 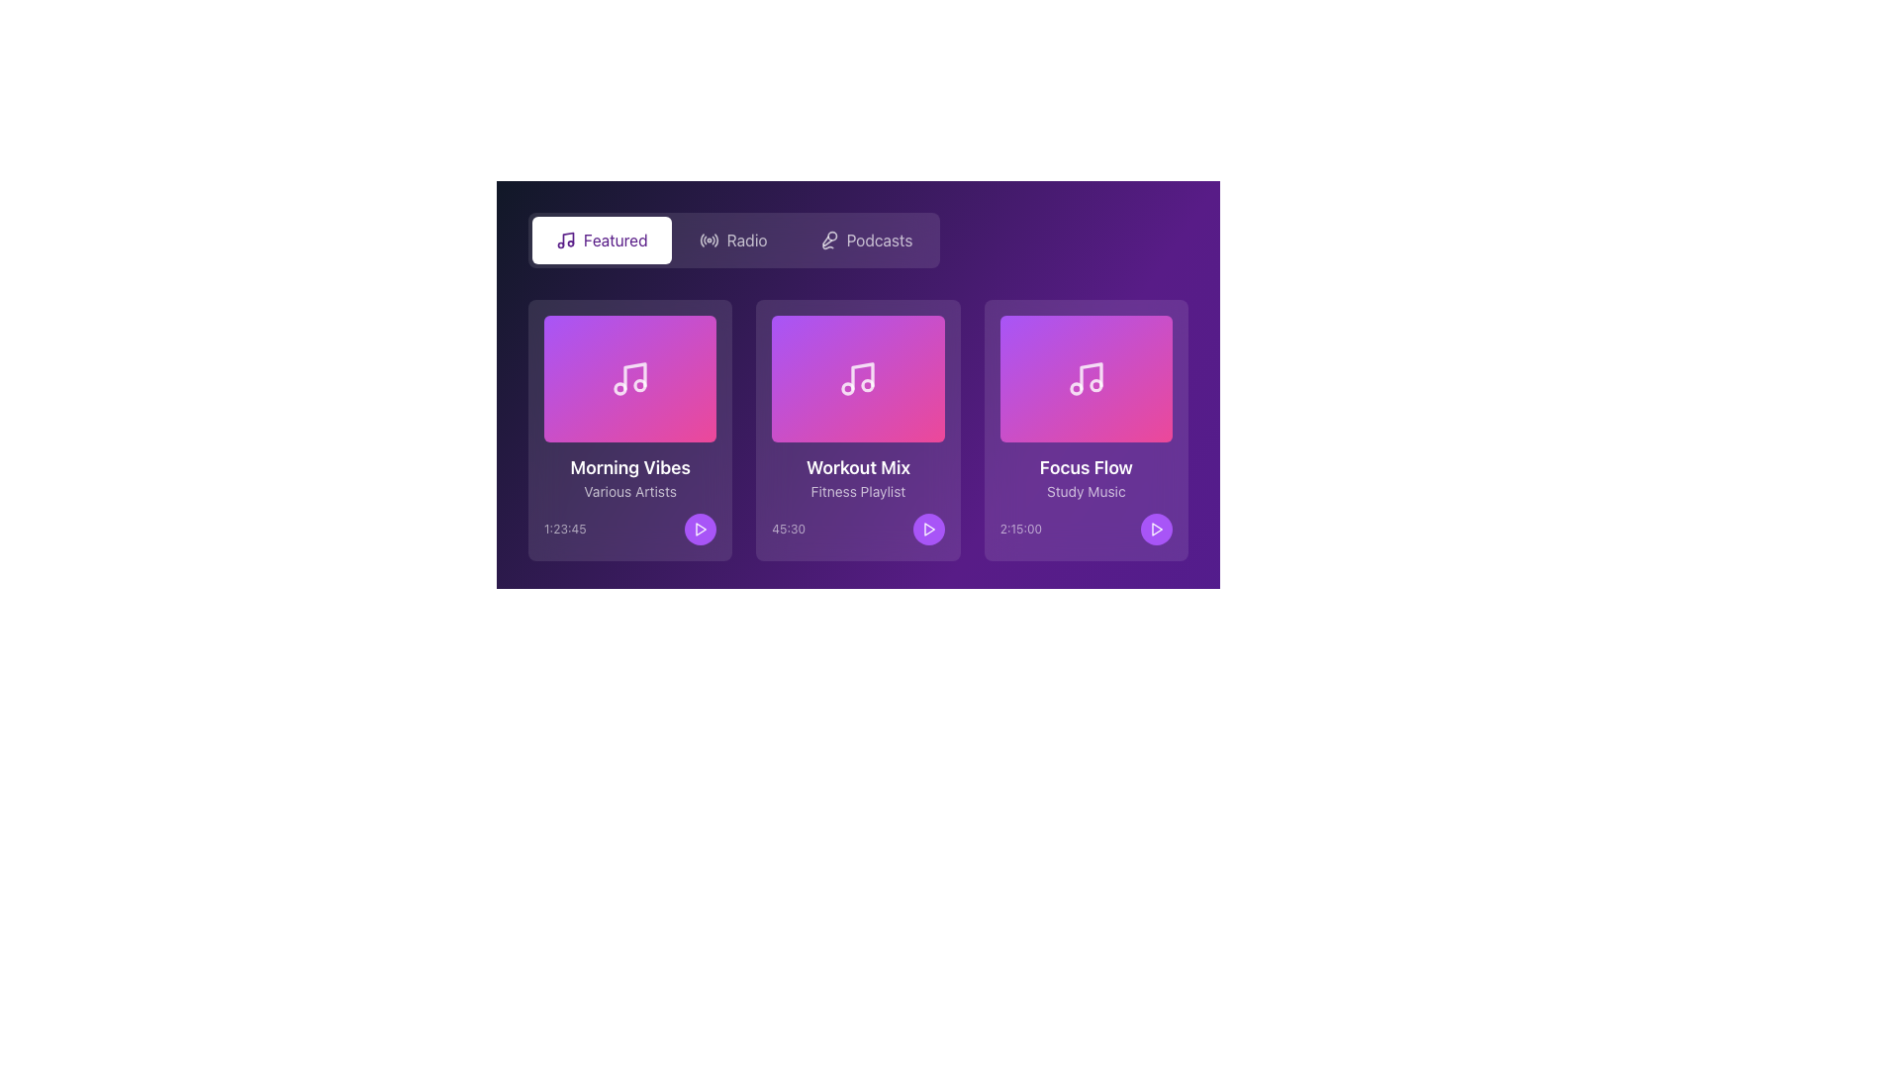 I want to click on the musical motif icon located within the 'Featured' button in the top-left corner of the interface, indicating content related to music or audio, so click(x=567, y=238).